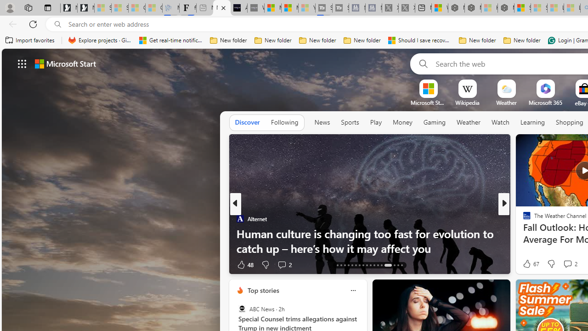  Describe the element at coordinates (500, 122) in the screenshot. I see `'Watch'` at that location.